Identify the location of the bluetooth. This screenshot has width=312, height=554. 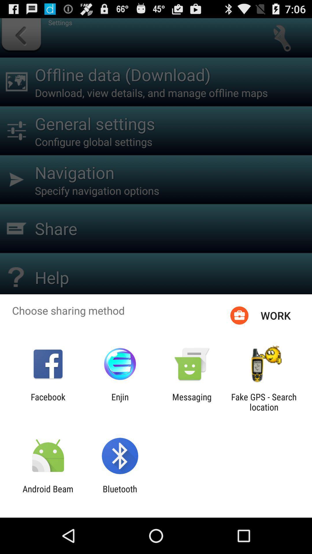
(120, 494).